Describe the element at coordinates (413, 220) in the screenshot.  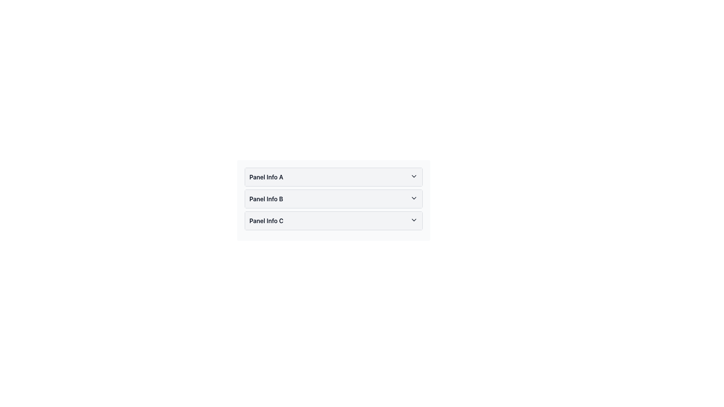
I see `the chevron icon` at that location.